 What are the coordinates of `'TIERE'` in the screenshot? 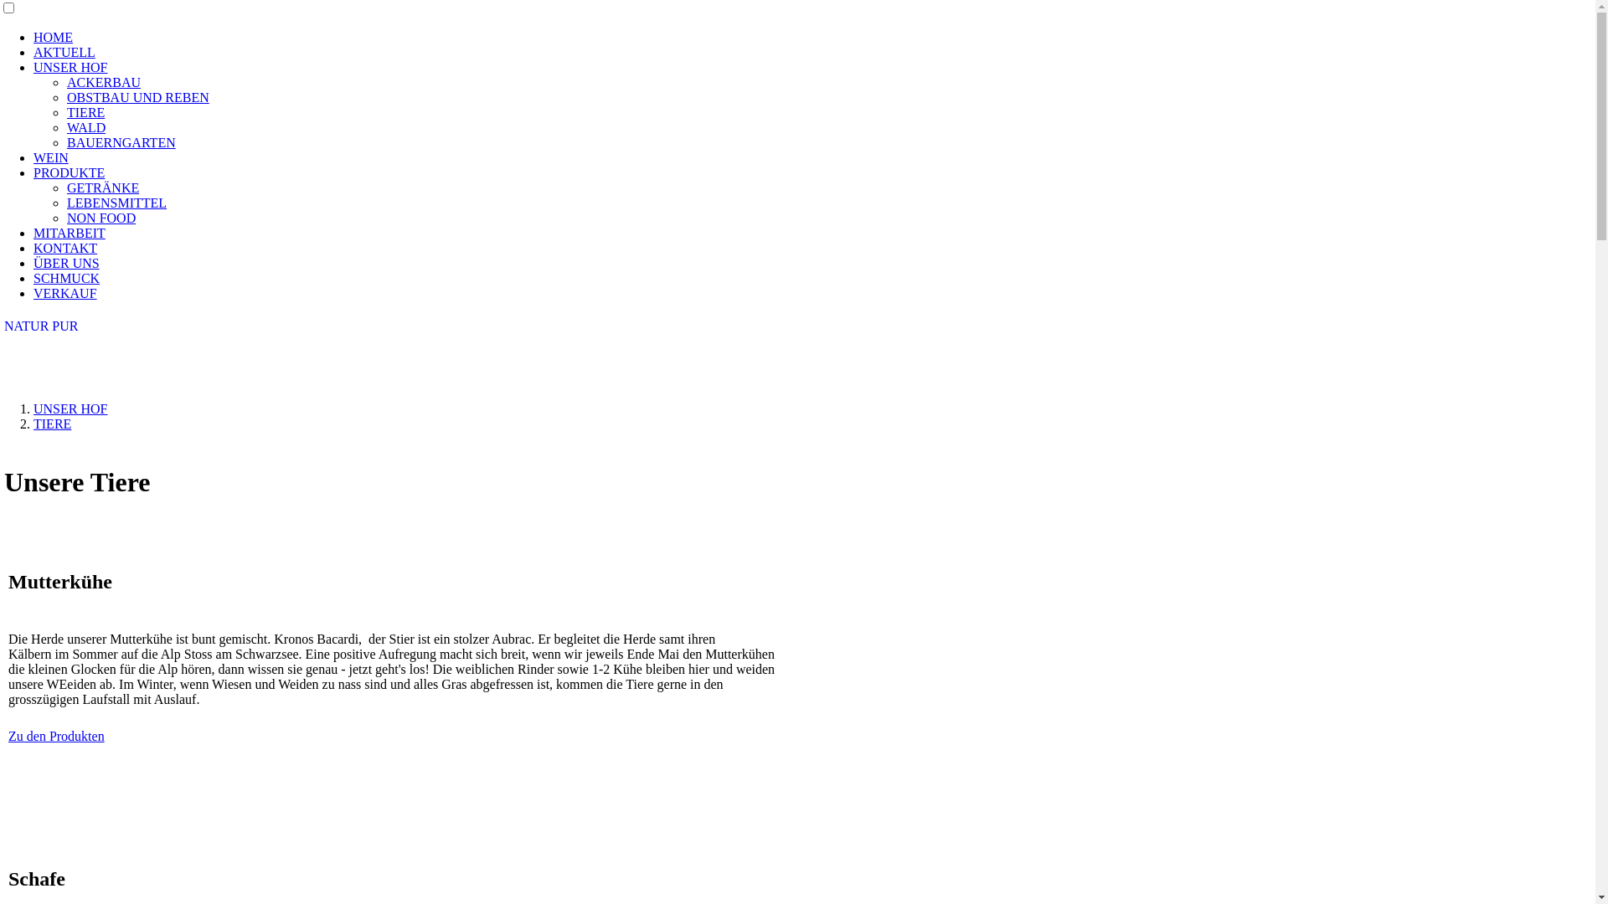 It's located at (85, 112).